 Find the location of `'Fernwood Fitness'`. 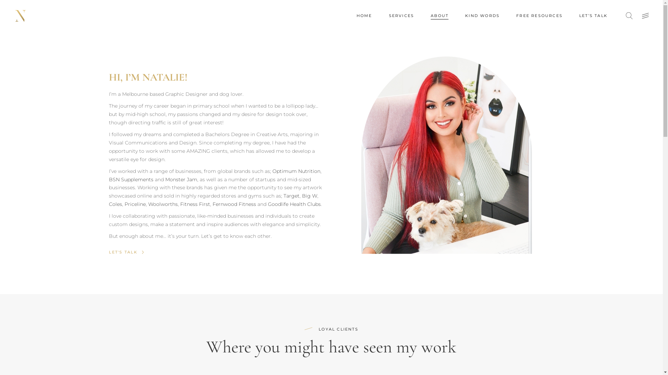

'Fernwood Fitness' is located at coordinates (212, 203).